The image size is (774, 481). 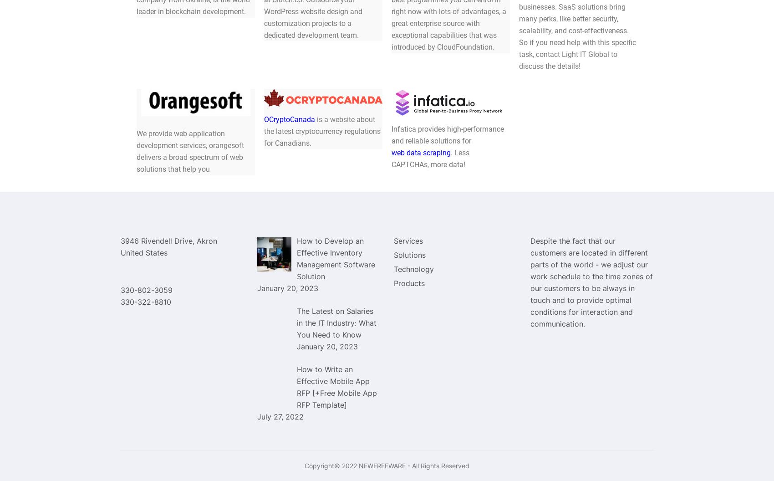 What do you see at coordinates (264, 118) in the screenshot?
I see `'OCryptoCanada'` at bounding box center [264, 118].